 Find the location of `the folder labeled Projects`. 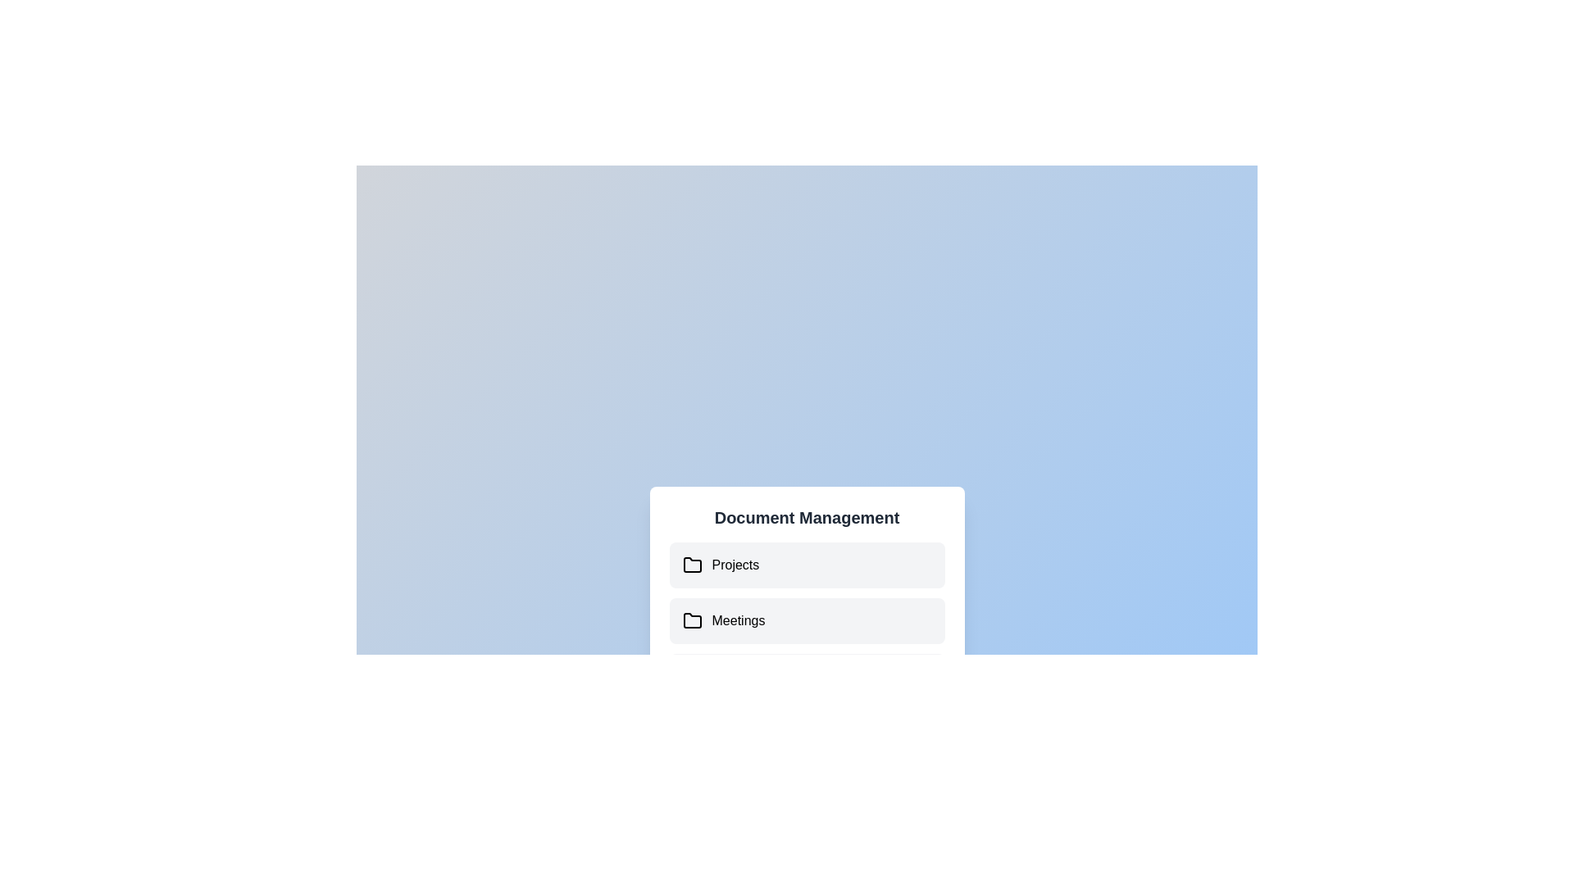

the folder labeled Projects is located at coordinates (684, 565).